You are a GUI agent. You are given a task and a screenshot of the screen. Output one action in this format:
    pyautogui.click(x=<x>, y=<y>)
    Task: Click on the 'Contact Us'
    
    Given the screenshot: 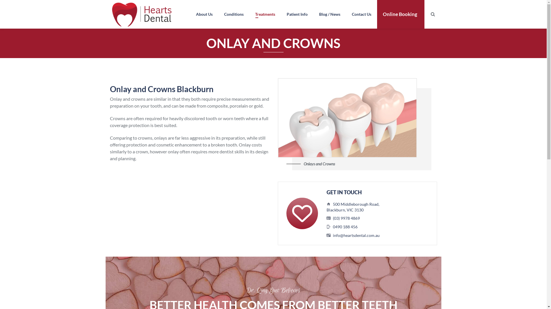 What is the action you would take?
    pyautogui.click(x=361, y=14)
    